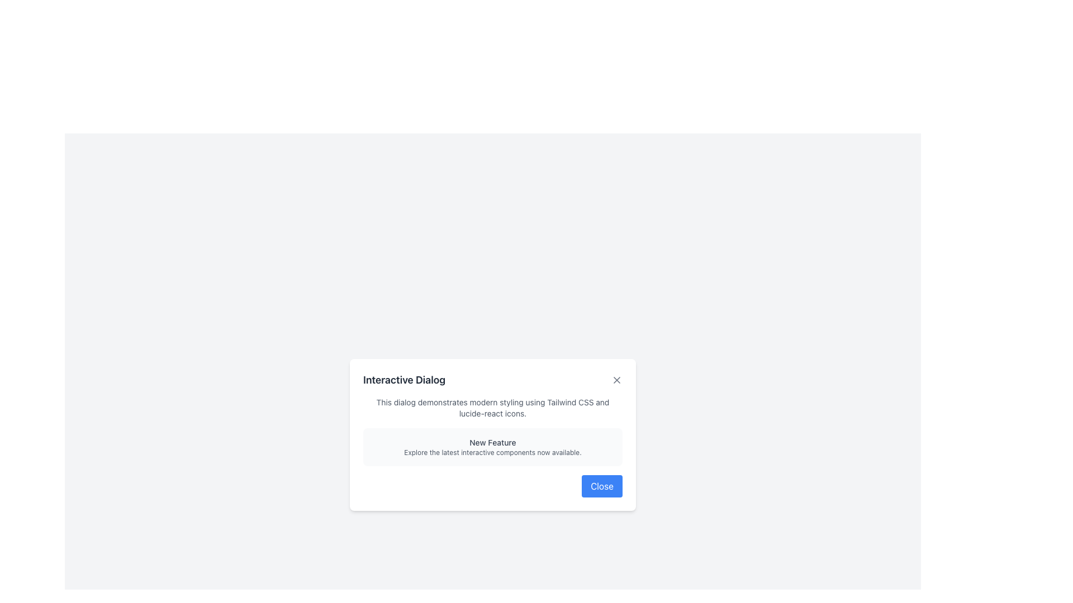 The image size is (1073, 603). What do you see at coordinates (601, 486) in the screenshot?
I see `the 'Close' button, which is a rectangular button with a blue background and white text located at the bottom-right corner of the modal dialog box` at bounding box center [601, 486].